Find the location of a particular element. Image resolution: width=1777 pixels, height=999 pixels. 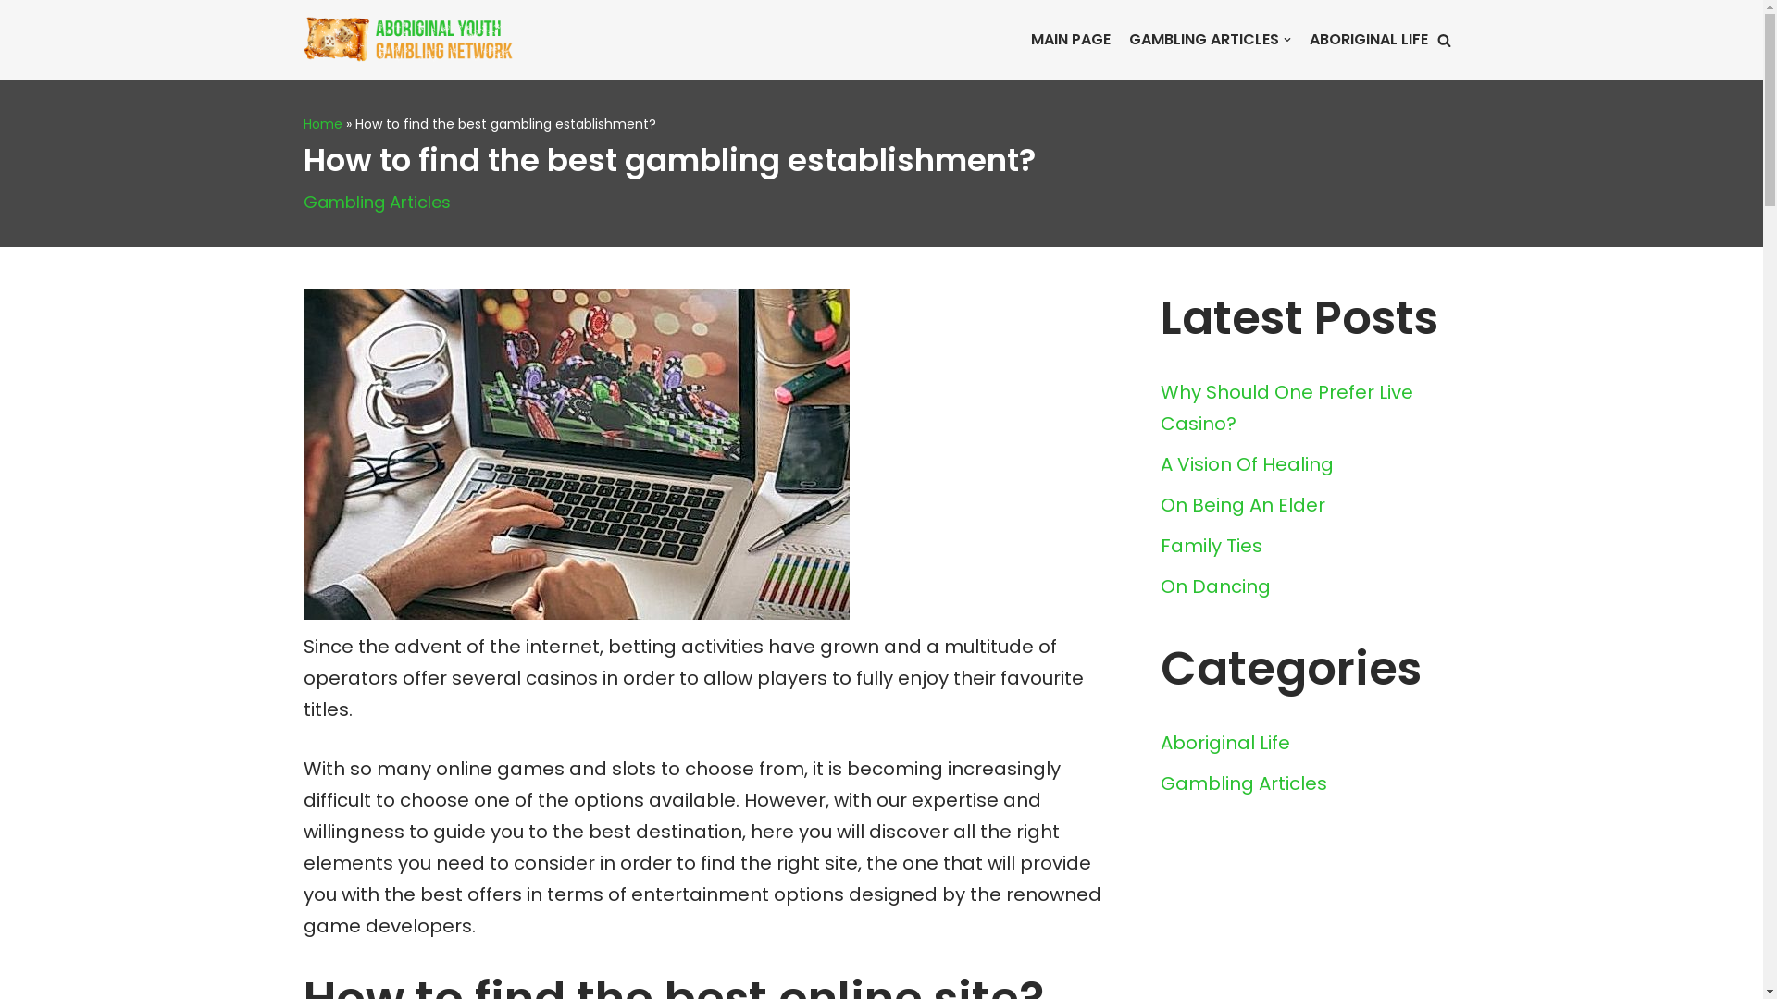

'MAIN PAGE' is located at coordinates (1070, 39).